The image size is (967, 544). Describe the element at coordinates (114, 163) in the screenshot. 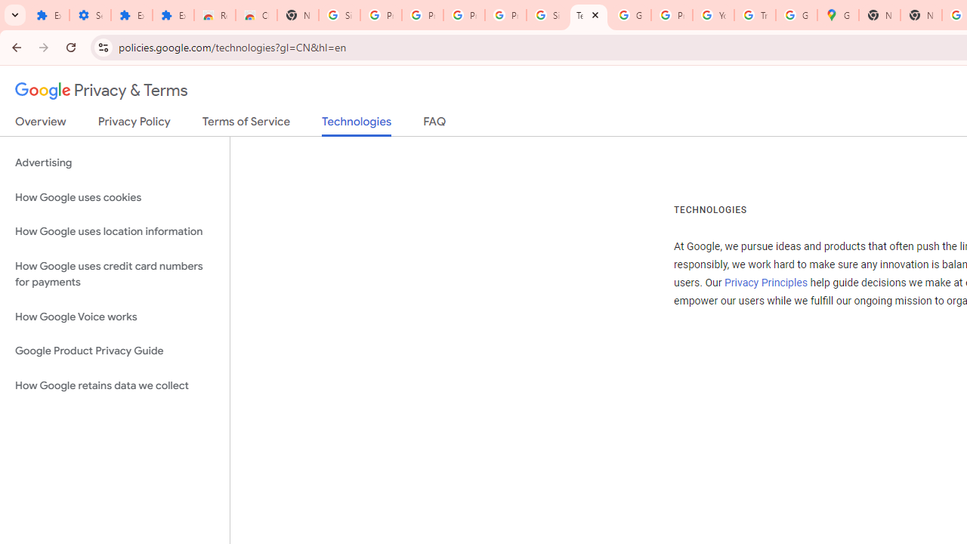

I see `'Advertising'` at that location.